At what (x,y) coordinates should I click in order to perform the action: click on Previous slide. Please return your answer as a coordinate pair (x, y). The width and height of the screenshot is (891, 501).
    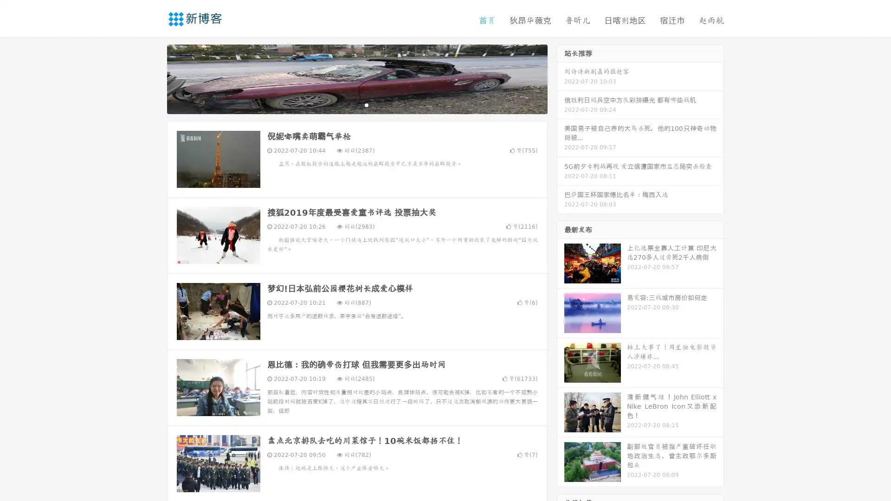
    Looking at the image, I should click on (153, 78).